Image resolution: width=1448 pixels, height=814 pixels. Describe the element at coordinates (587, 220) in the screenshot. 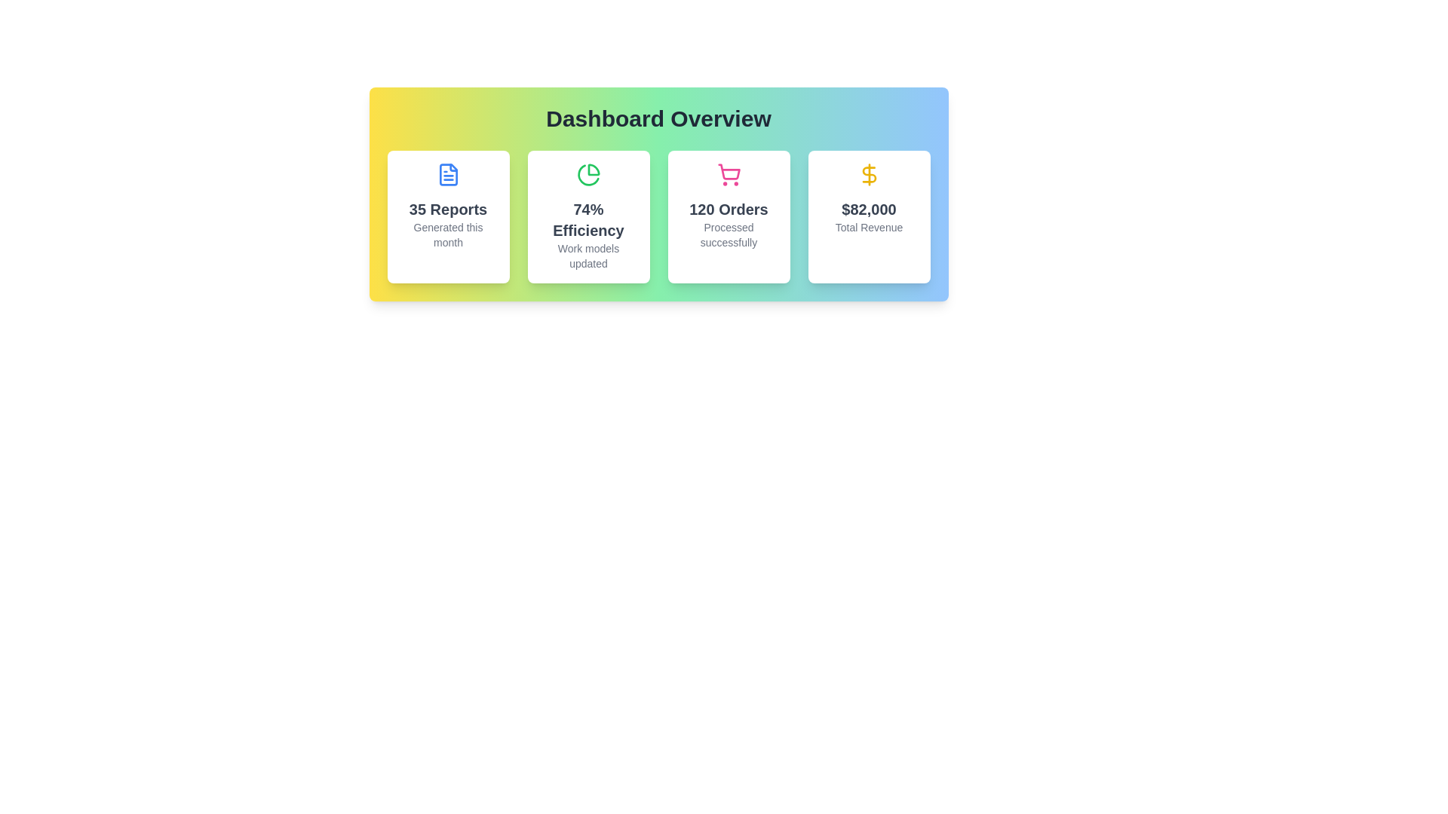

I see `text label displaying '74% Efficiency', which is a bold, large dark gray text centered above the 'Work models updated' text in the second card from the left` at that location.